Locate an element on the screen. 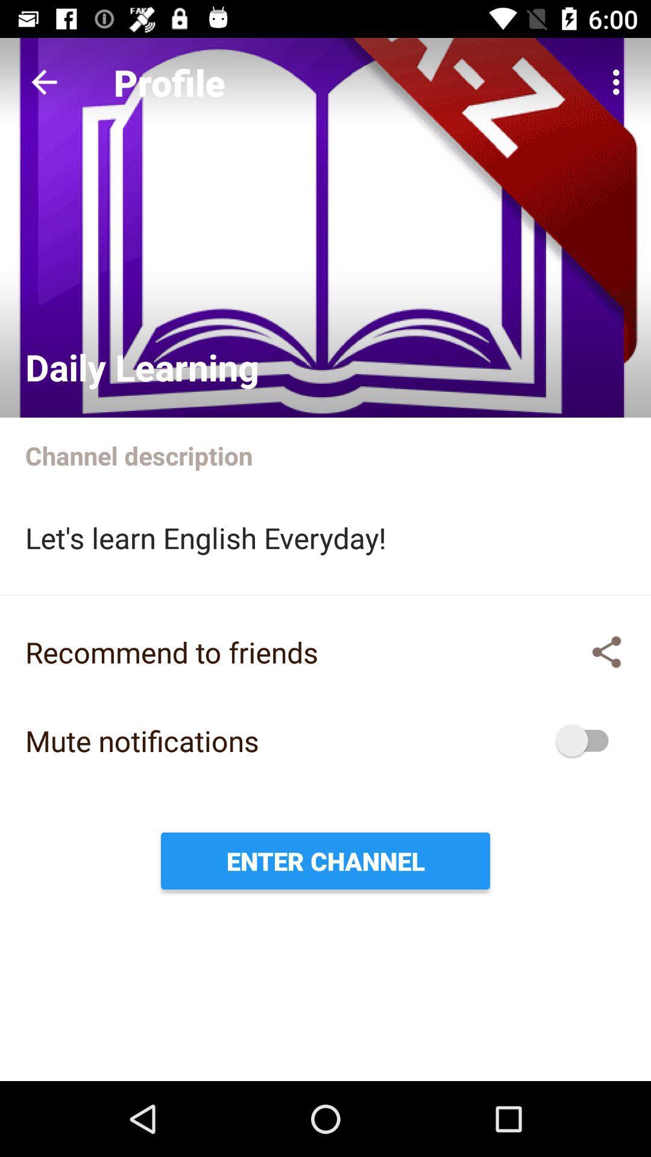 This screenshot has height=1157, width=651. check profile is located at coordinates (325, 228).